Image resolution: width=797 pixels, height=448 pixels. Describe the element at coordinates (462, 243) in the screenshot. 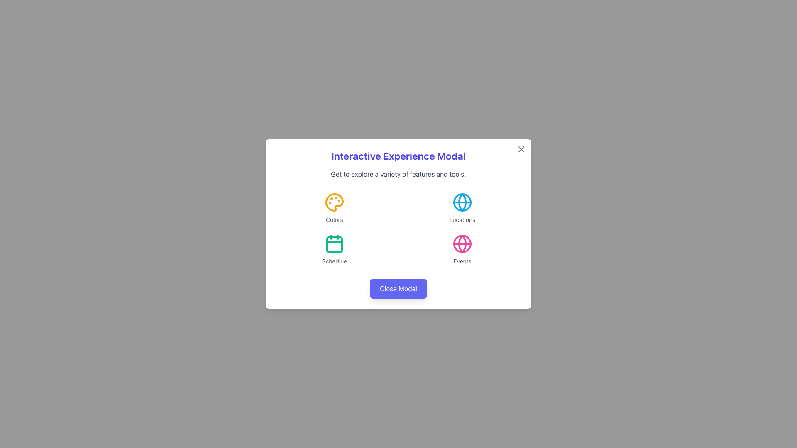

I see `the outer circle of the 'Events' icon, which features a pink globe-like graphic and is located in the bottom-right quadrant of the modal` at that location.